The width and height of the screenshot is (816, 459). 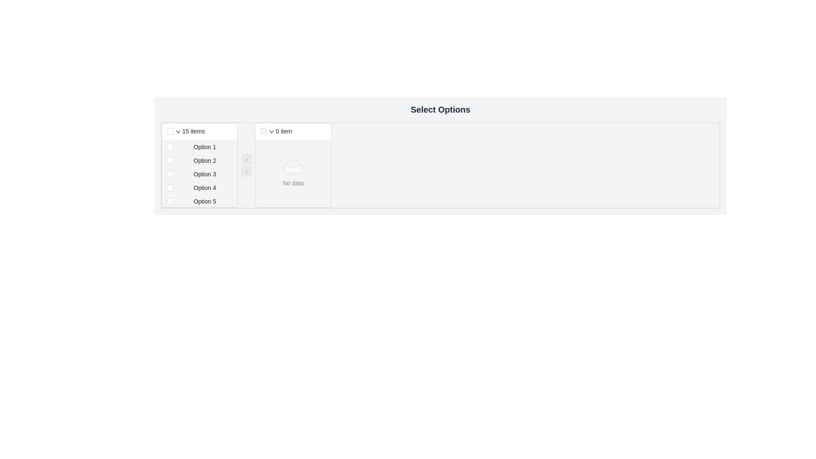 I want to click on the checkbox in the header of the transfer list, so click(x=199, y=131).